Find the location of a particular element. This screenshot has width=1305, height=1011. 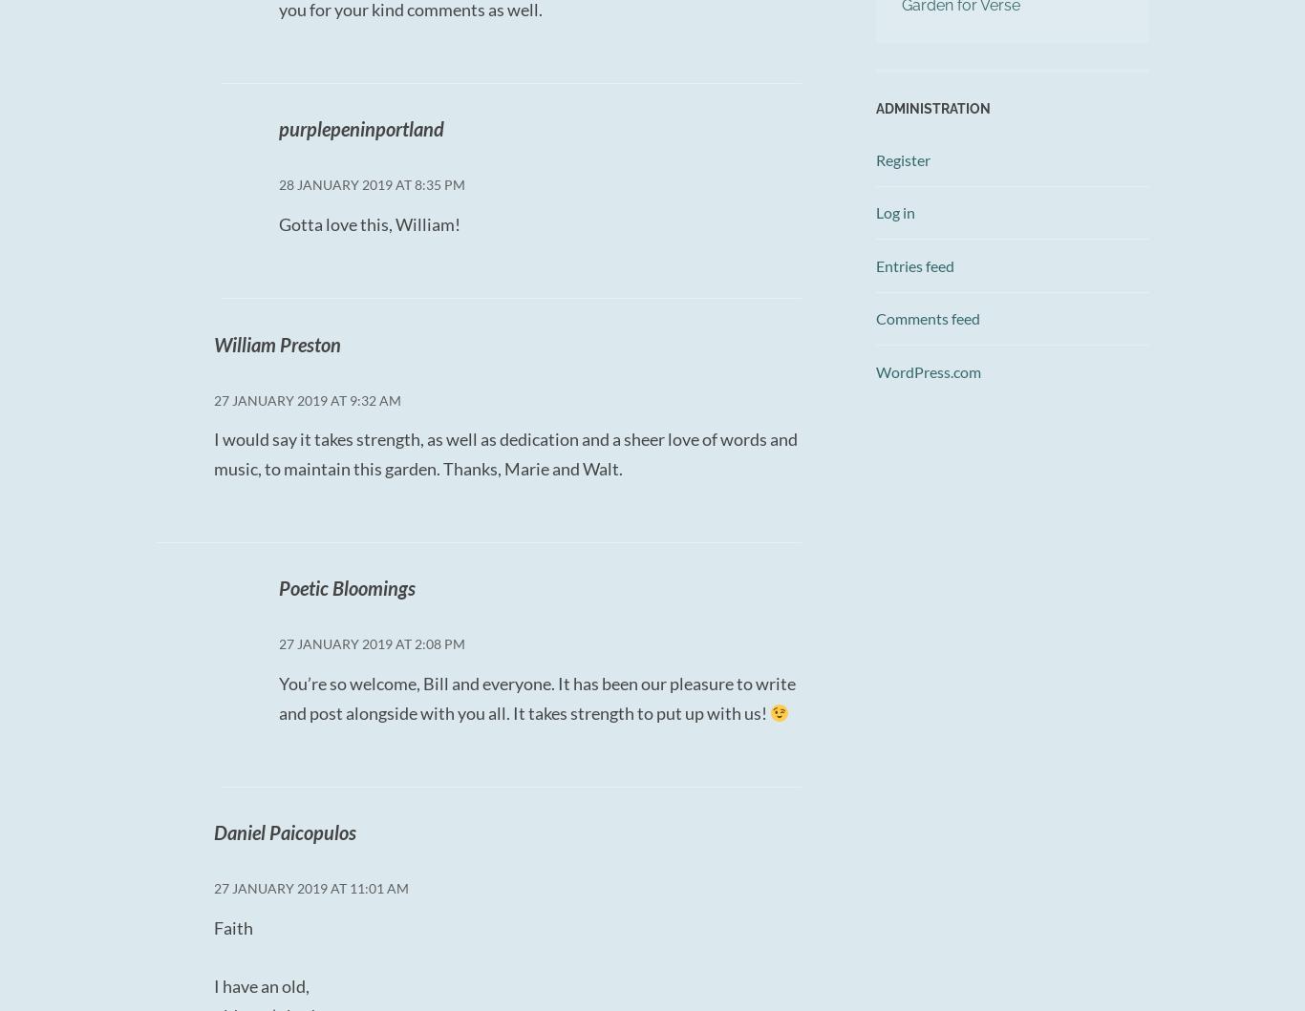

'Poetic Bloomings' is located at coordinates (345, 587).